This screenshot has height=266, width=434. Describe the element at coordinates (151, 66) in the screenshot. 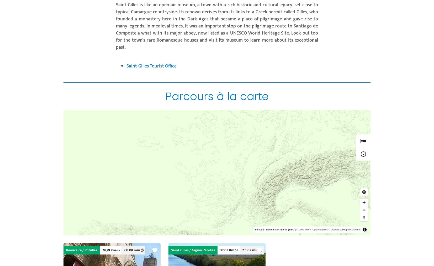

I see `'Saint-Gilles Tourist Office'` at that location.